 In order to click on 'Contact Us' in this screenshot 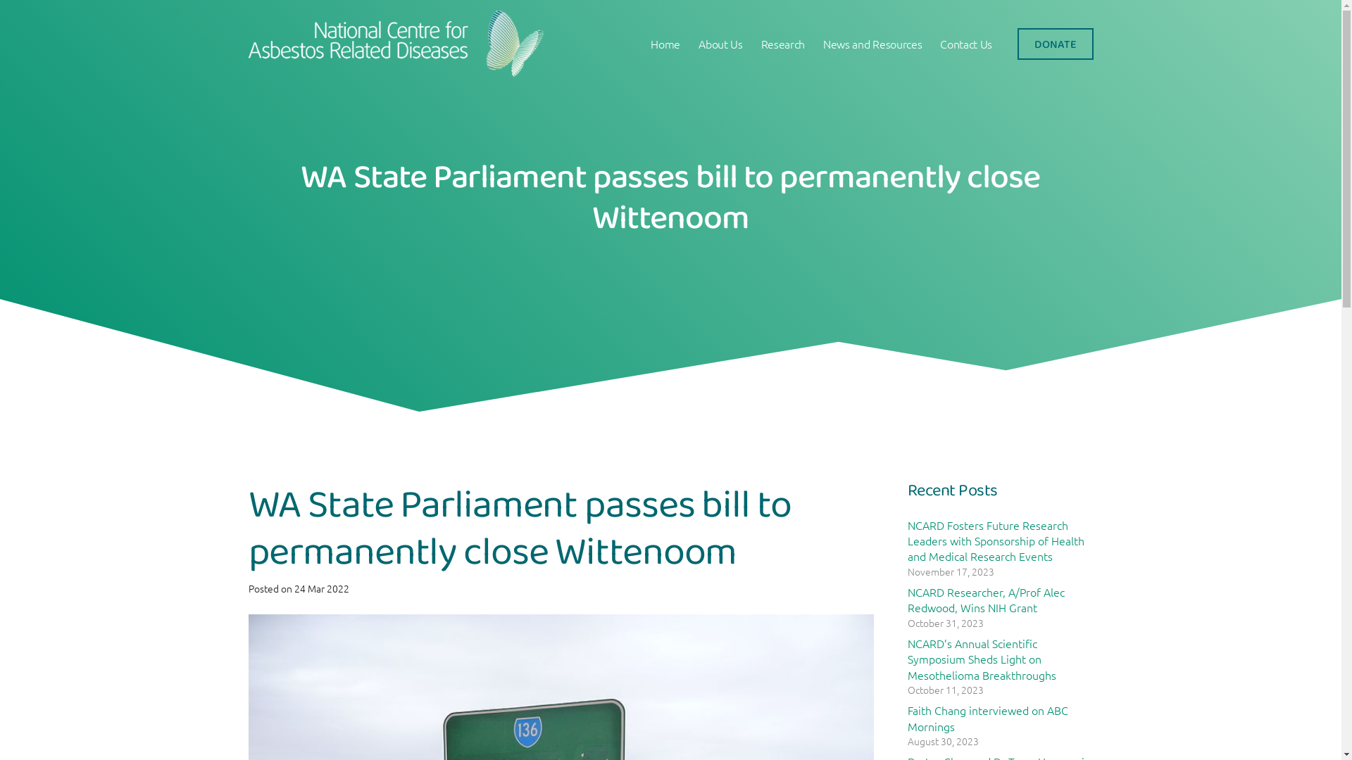, I will do `click(965, 43)`.